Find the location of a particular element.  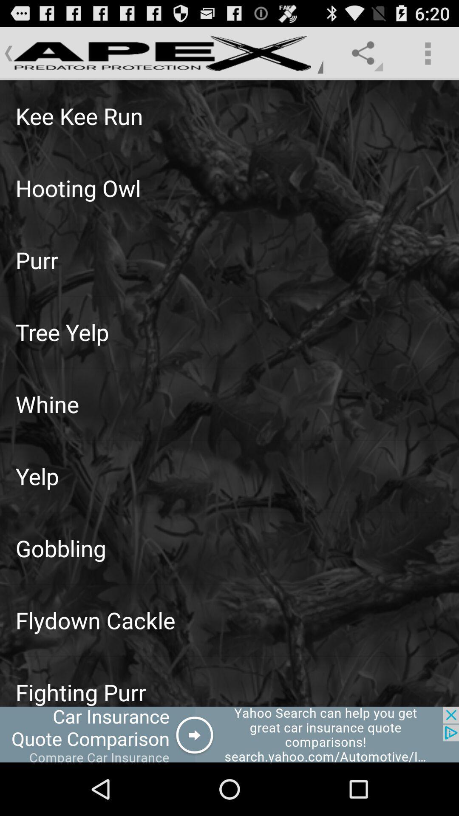

advertising is located at coordinates (229, 734).